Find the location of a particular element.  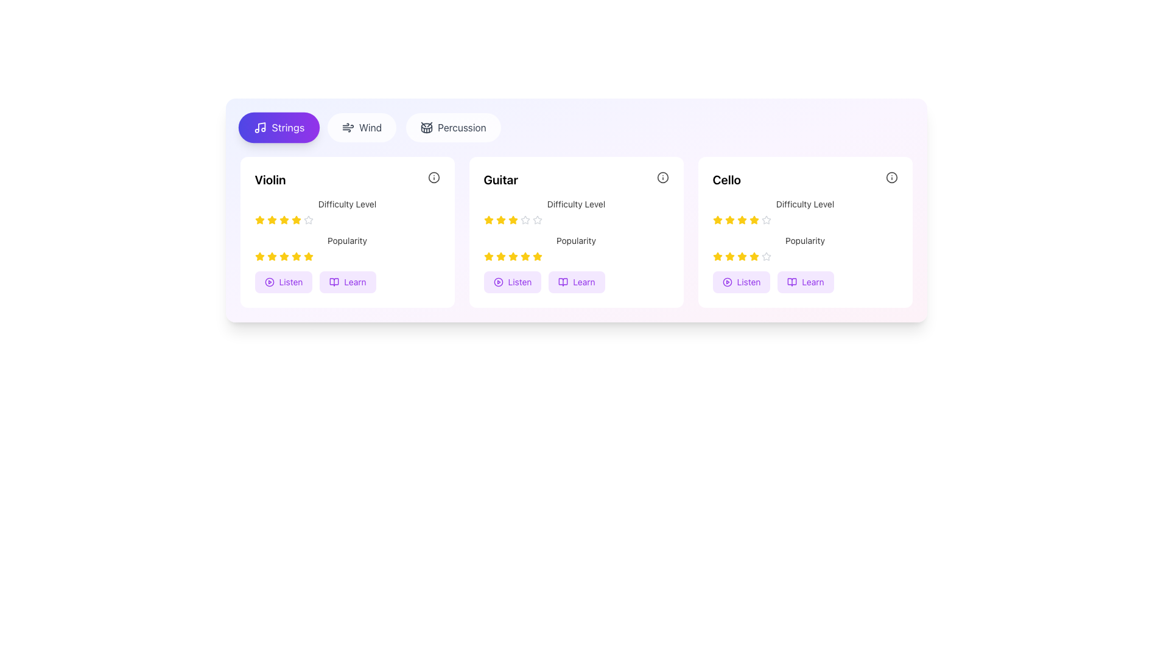

the open book icon located in the top-right corner of the 'Cello' subject card is located at coordinates (792, 282).